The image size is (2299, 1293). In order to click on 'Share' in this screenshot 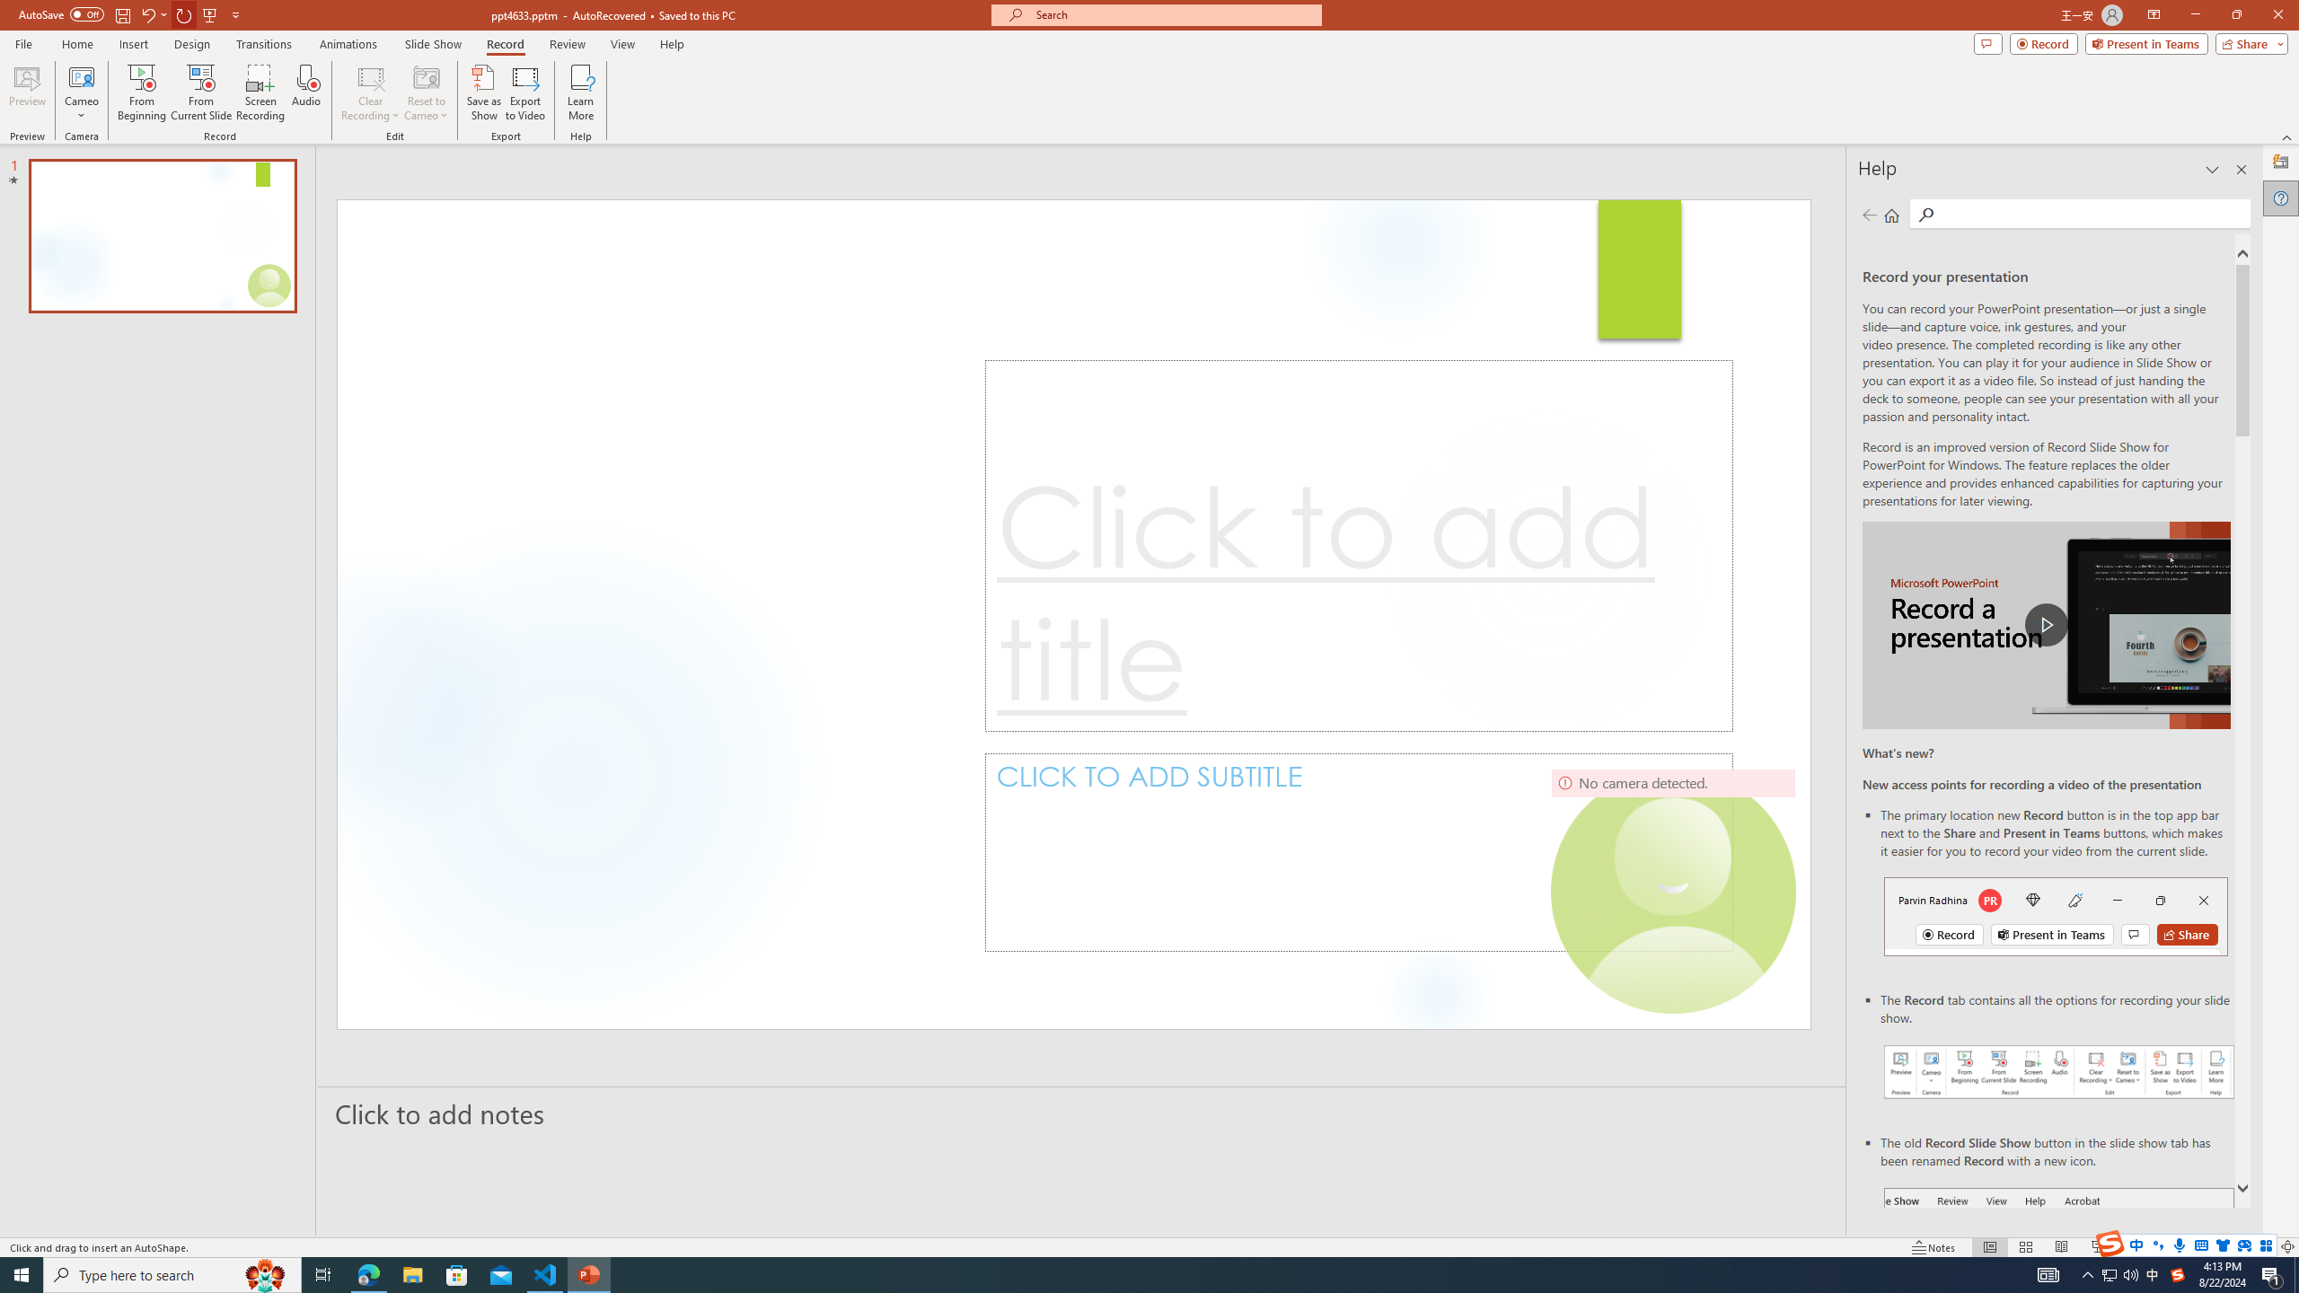, I will do `click(2247, 42)`.